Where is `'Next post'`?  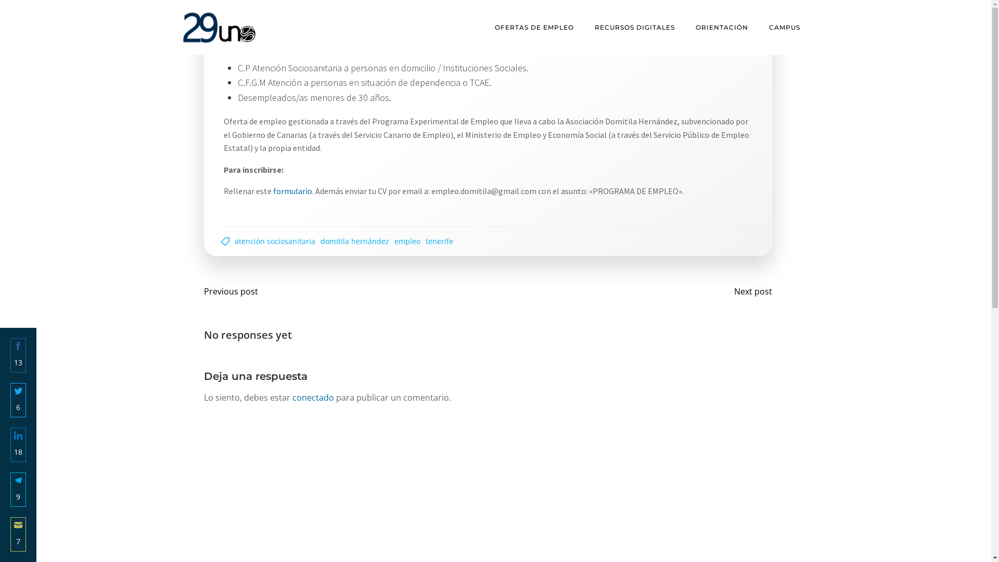 'Next post' is located at coordinates (728, 291).